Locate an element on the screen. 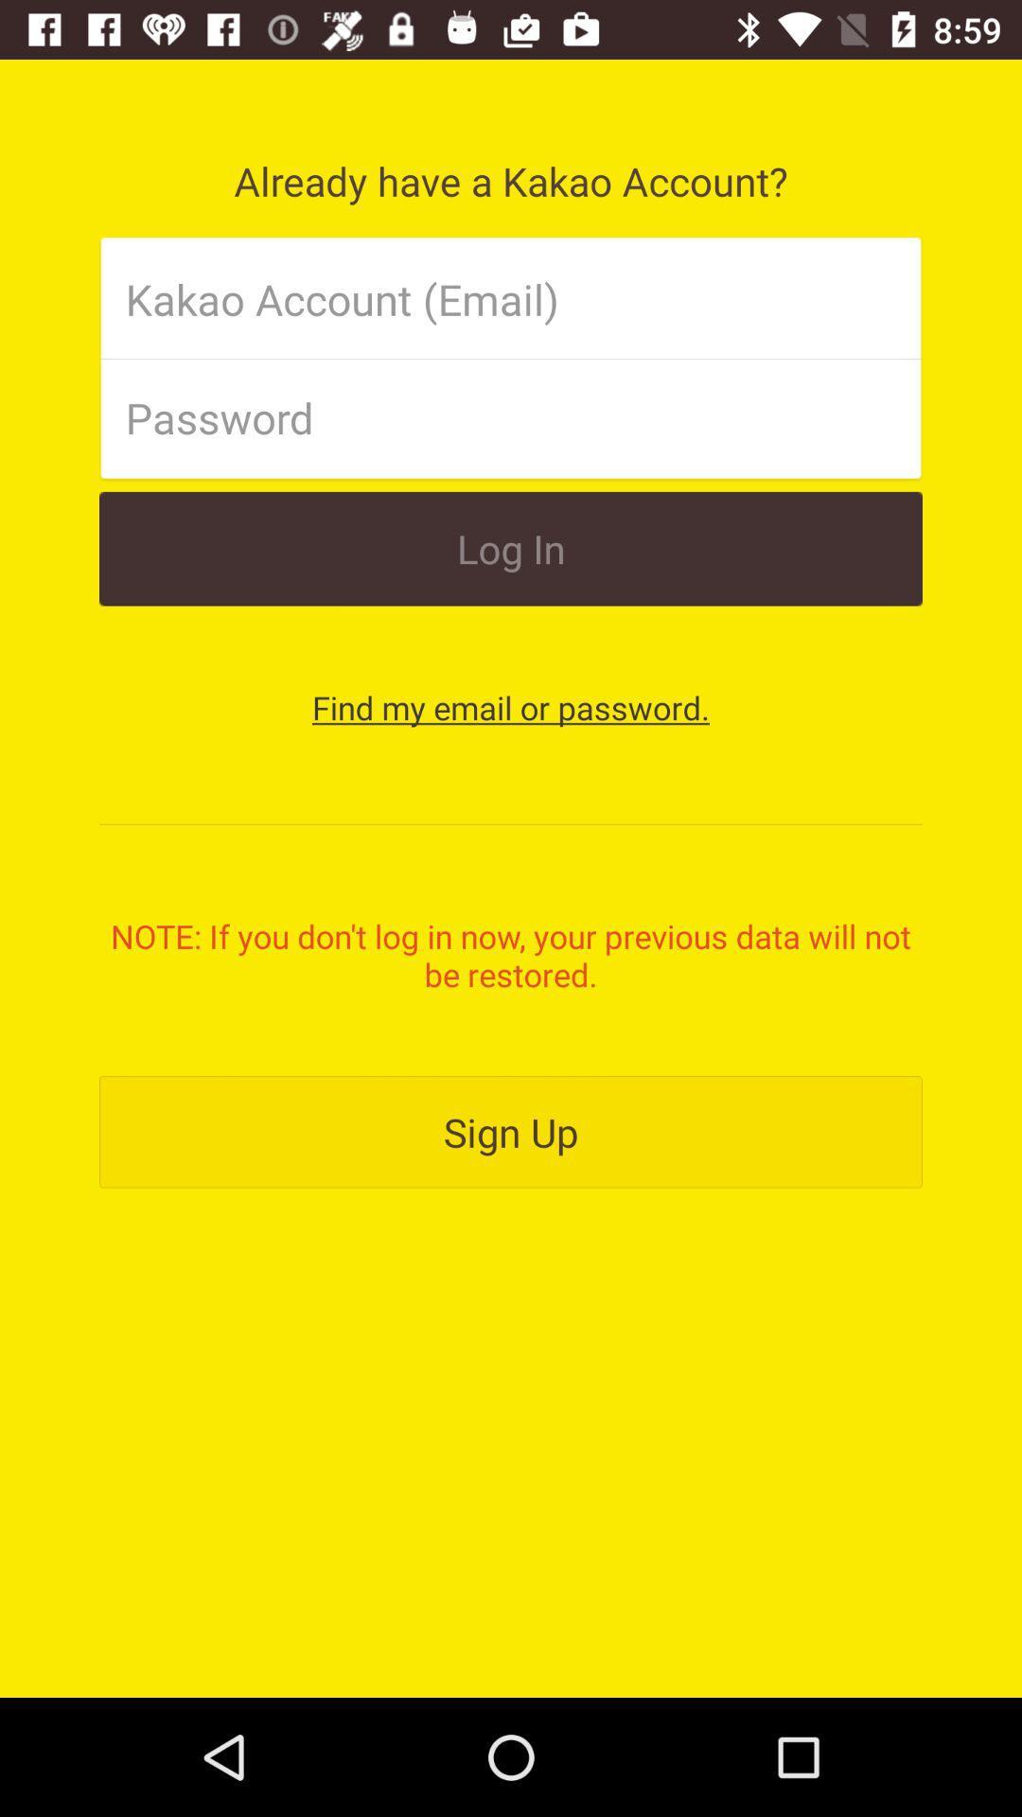 The height and width of the screenshot is (1817, 1022). sign up item is located at coordinates (511, 1132).